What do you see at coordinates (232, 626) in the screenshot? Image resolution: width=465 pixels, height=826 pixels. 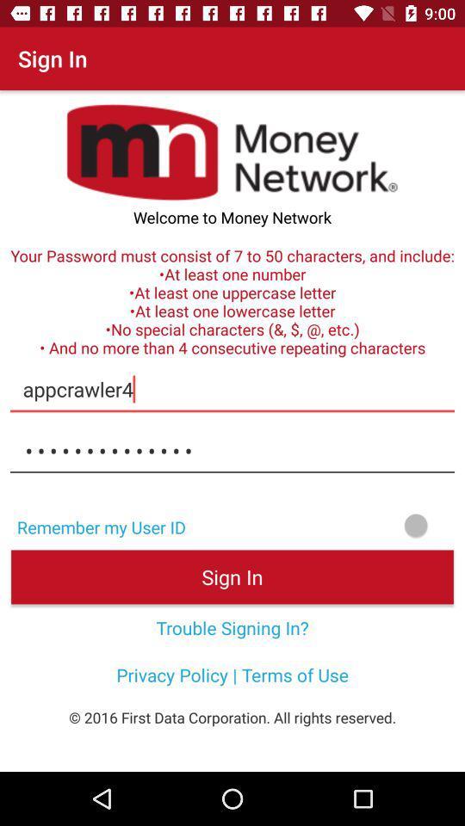 I see `item below sign in item` at bounding box center [232, 626].